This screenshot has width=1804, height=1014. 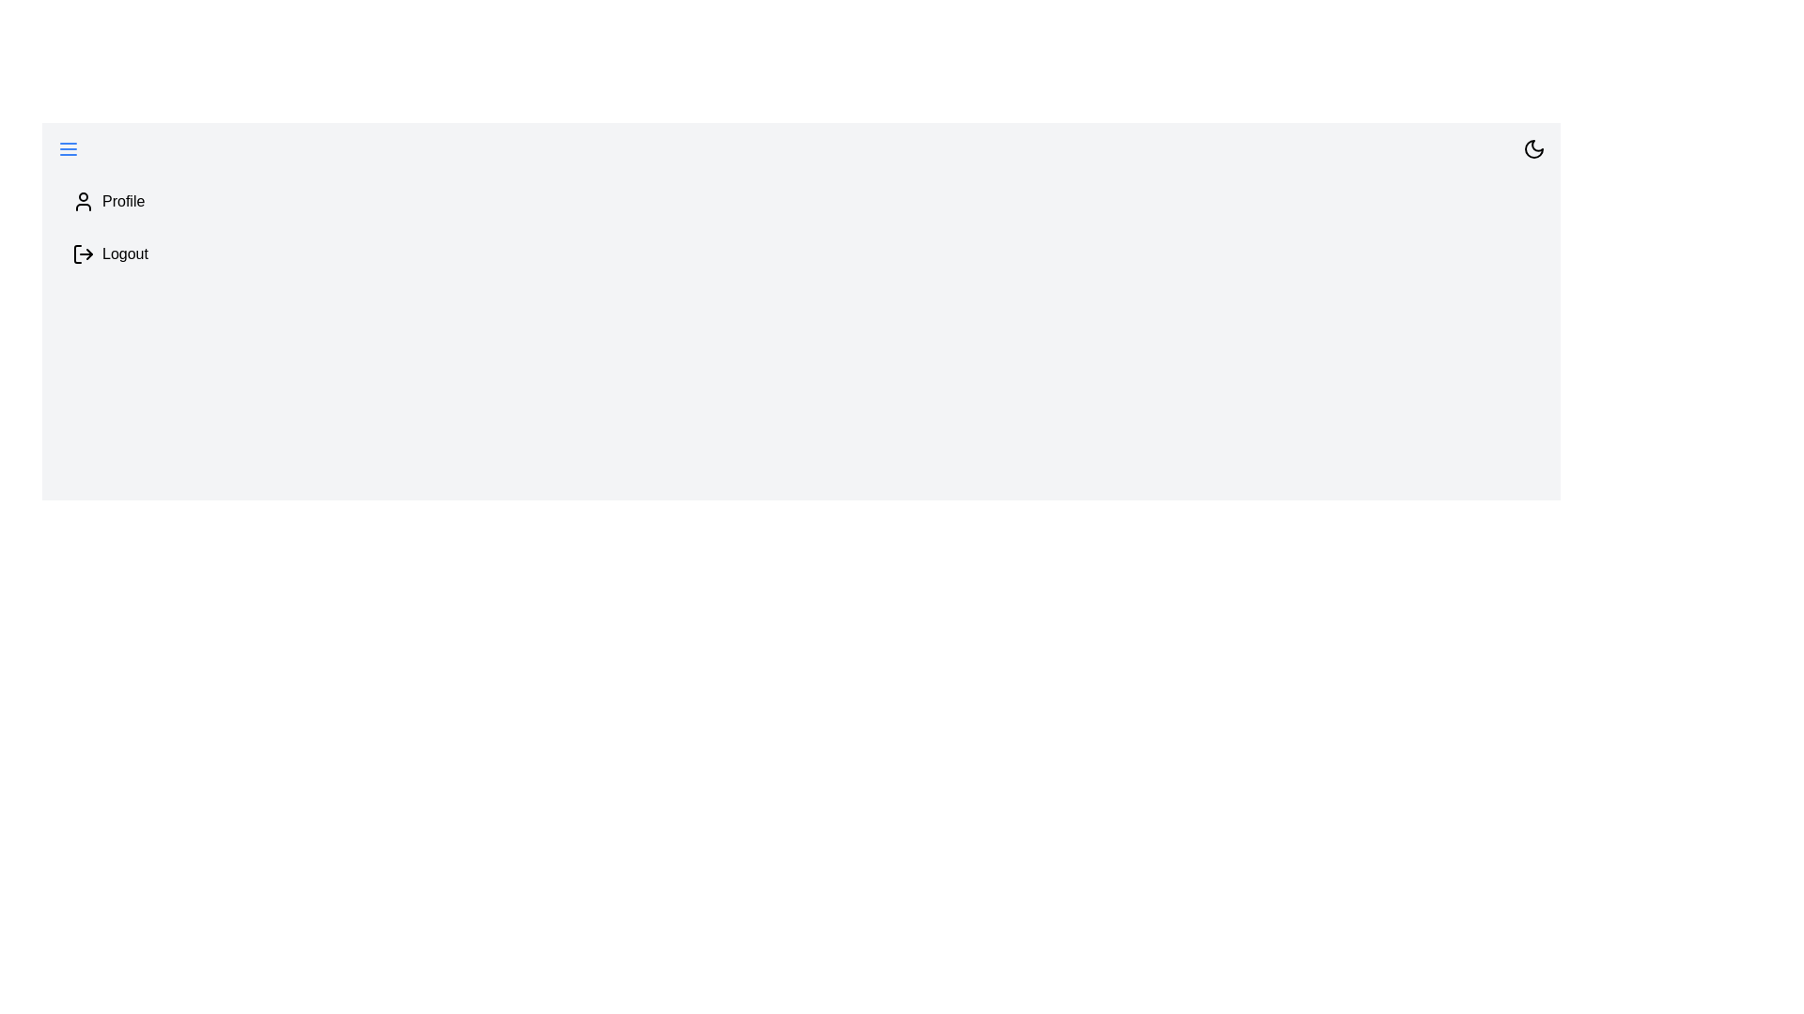 I want to click on the button located at the far-left of the horizontal header layout, so click(x=68, y=147).